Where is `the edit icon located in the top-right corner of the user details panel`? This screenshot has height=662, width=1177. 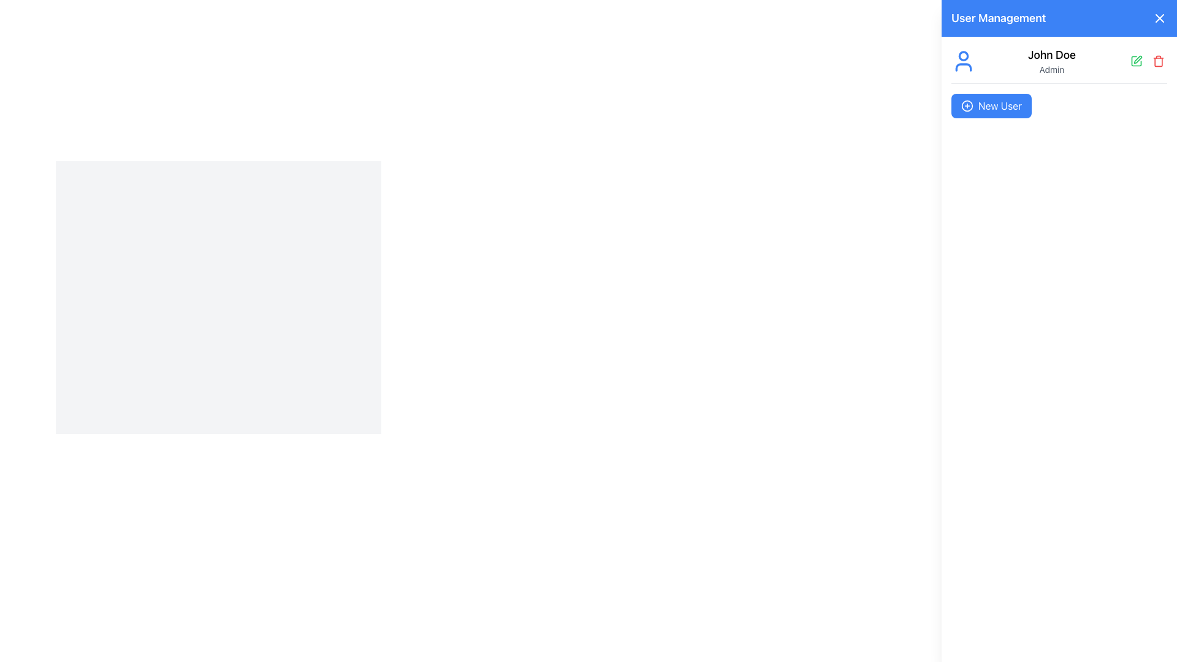 the edit icon located in the top-right corner of the user details panel is located at coordinates (1137, 59).